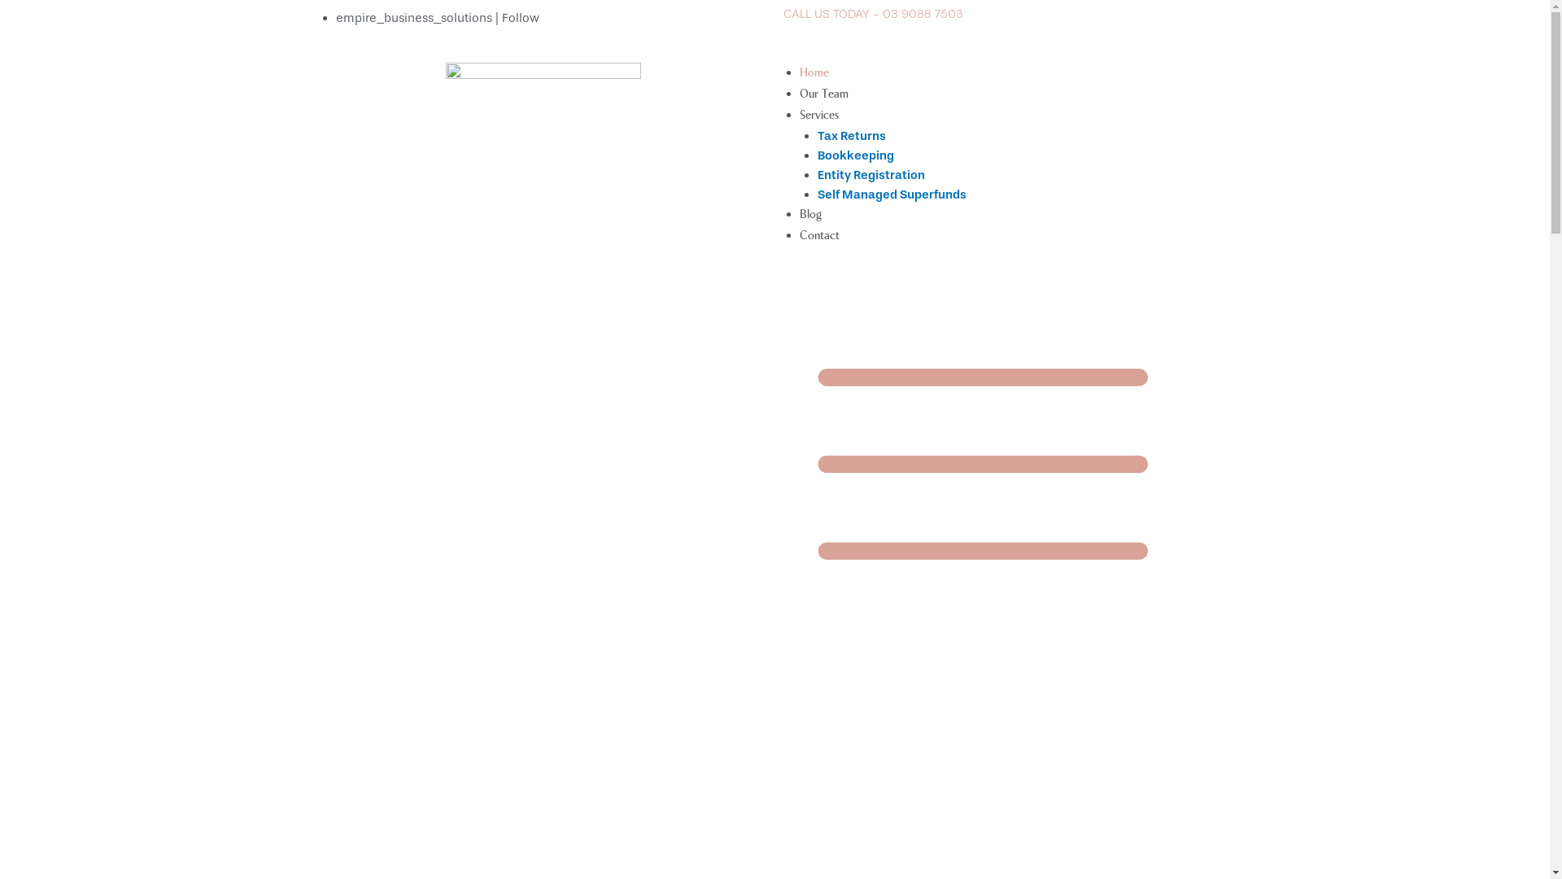  I want to click on 'Contact', so click(818, 235).